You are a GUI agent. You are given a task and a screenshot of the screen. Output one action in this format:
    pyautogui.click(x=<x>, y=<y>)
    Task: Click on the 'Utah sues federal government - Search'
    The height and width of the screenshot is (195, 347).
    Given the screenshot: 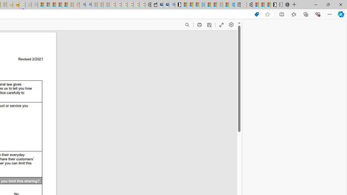 What is the action you would take?
    pyautogui.click(x=88, y=5)
    